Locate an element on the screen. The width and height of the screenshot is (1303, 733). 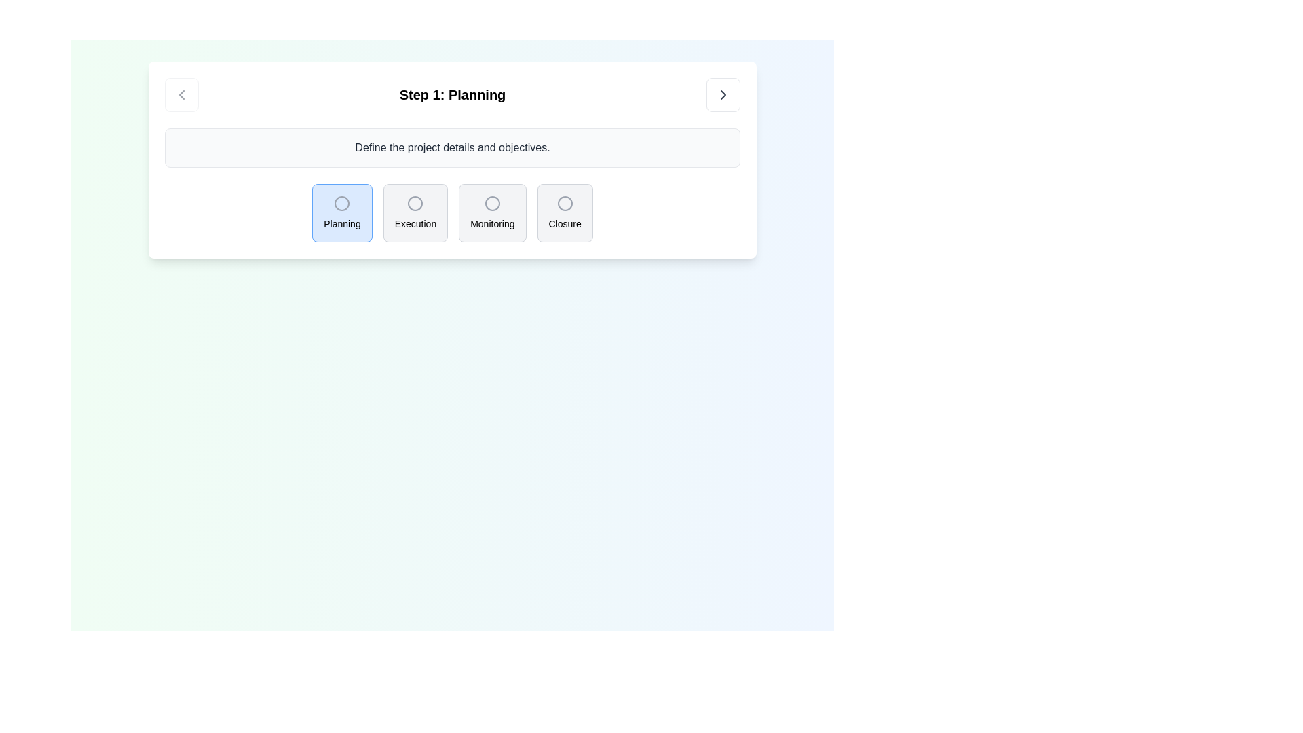
the small right-pointing chevron icon located in the top-right corner of the 'Step 1: Planning' modal is located at coordinates (722, 94).